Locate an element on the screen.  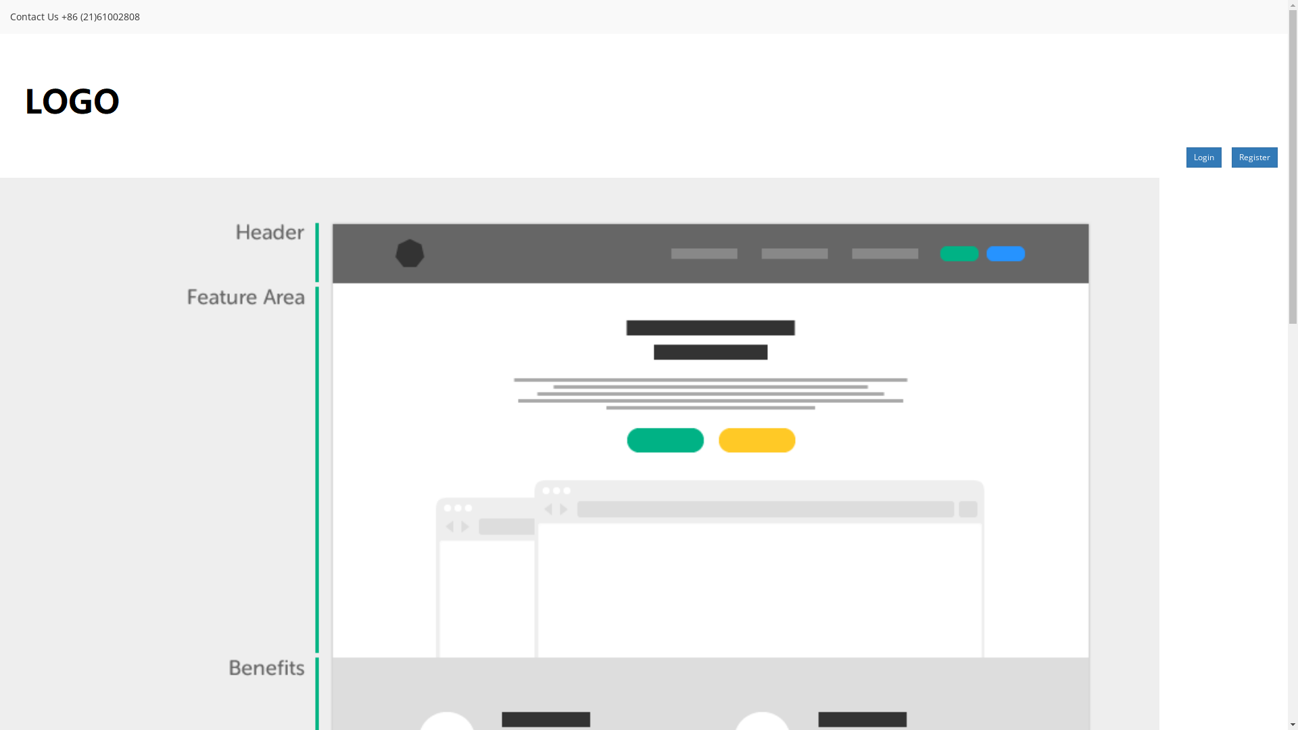
'Register' is located at coordinates (1254, 156).